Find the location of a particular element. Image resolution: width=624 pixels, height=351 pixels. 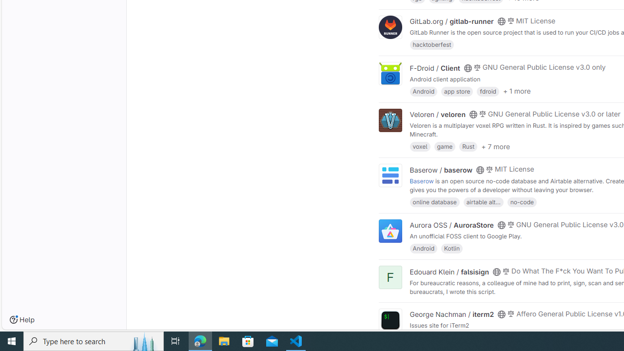

'app store' is located at coordinates (457, 91).